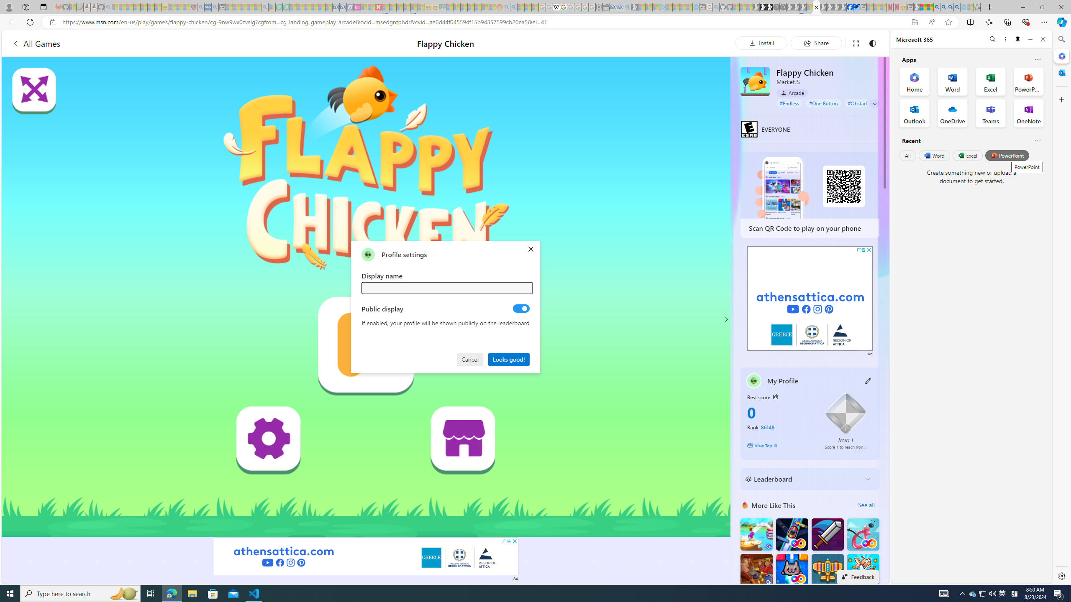 The width and height of the screenshot is (1071, 602). Describe the element at coordinates (1007, 155) in the screenshot. I see `'PowerPoint'` at that location.